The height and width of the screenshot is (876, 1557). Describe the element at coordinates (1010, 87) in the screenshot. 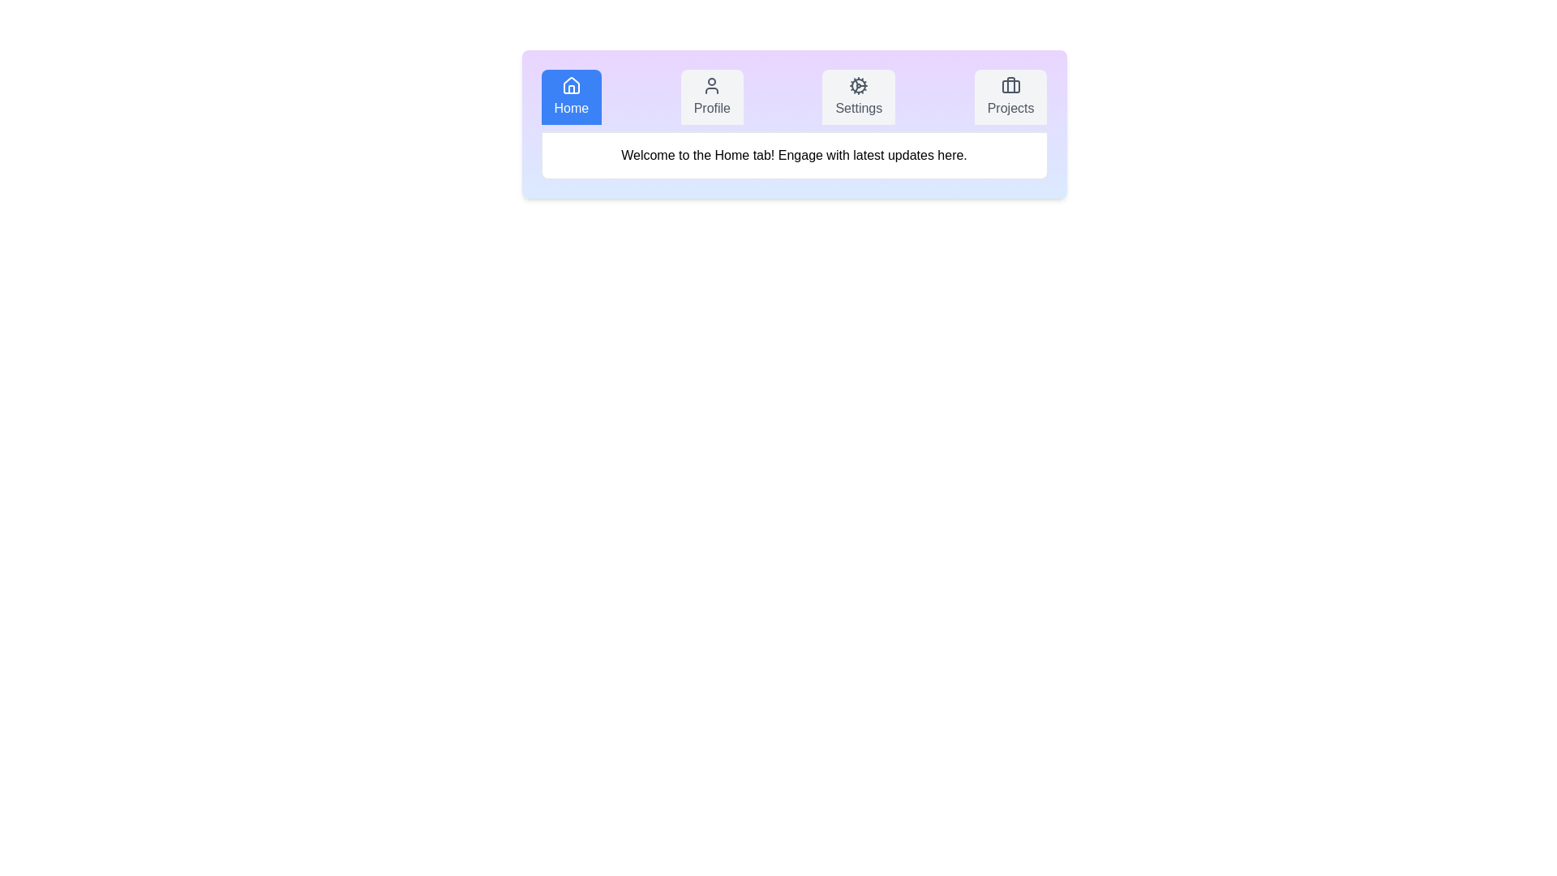

I see `SVG rectangle element that forms the bottom half of the briefcase icon within the Projects section of the navigation bar` at that location.